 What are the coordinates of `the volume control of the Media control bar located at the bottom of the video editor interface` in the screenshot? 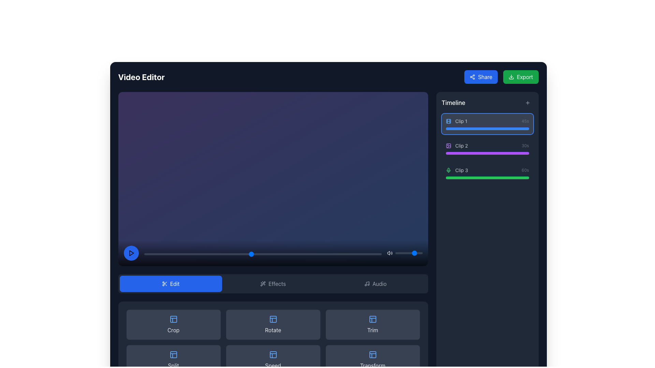 It's located at (273, 253).